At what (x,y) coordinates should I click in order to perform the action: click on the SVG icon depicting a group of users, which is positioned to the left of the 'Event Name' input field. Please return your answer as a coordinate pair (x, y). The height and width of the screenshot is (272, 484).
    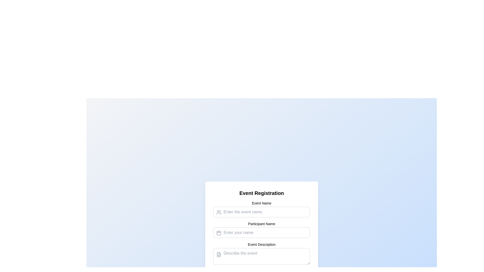
    Looking at the image, I should click on (219, 212).